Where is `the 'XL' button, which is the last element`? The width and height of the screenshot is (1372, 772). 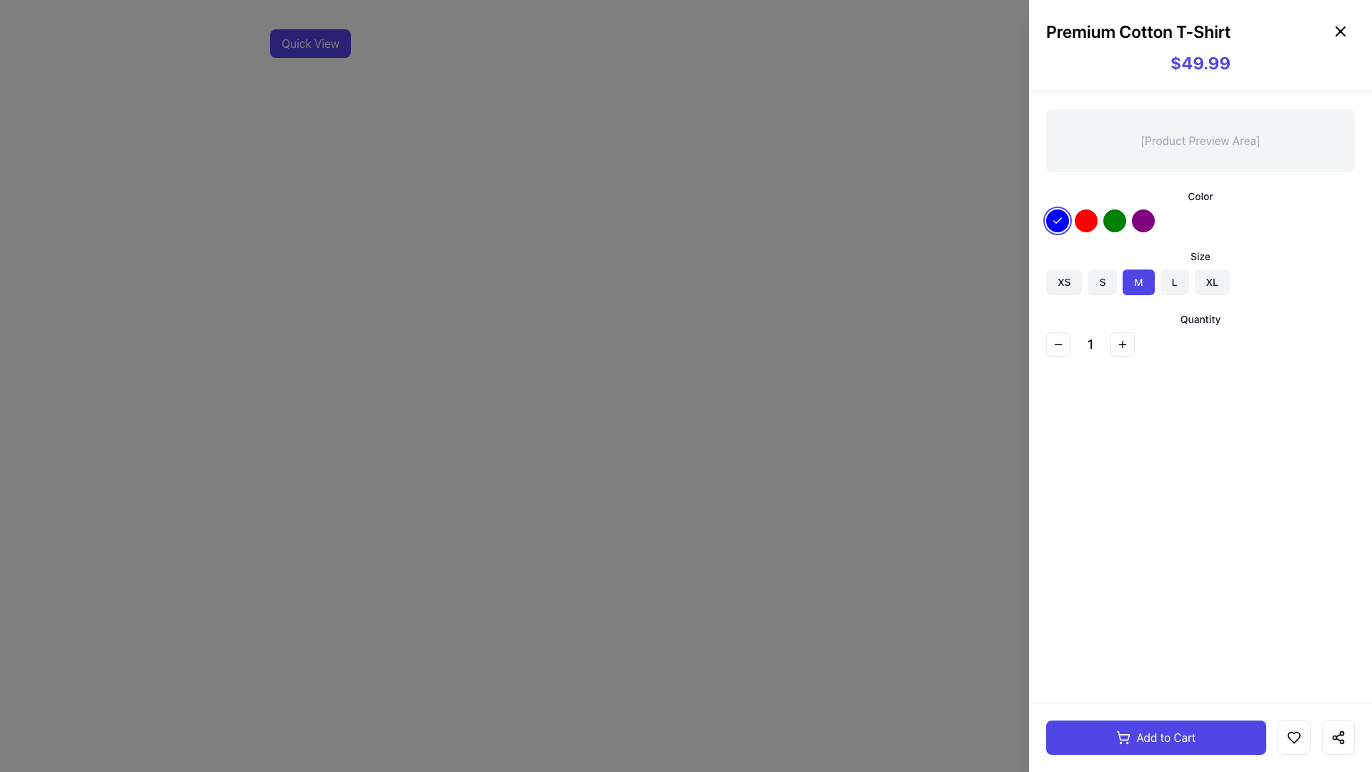
the 'XL' button, which is the last element is located at coordinates (1211, 282).